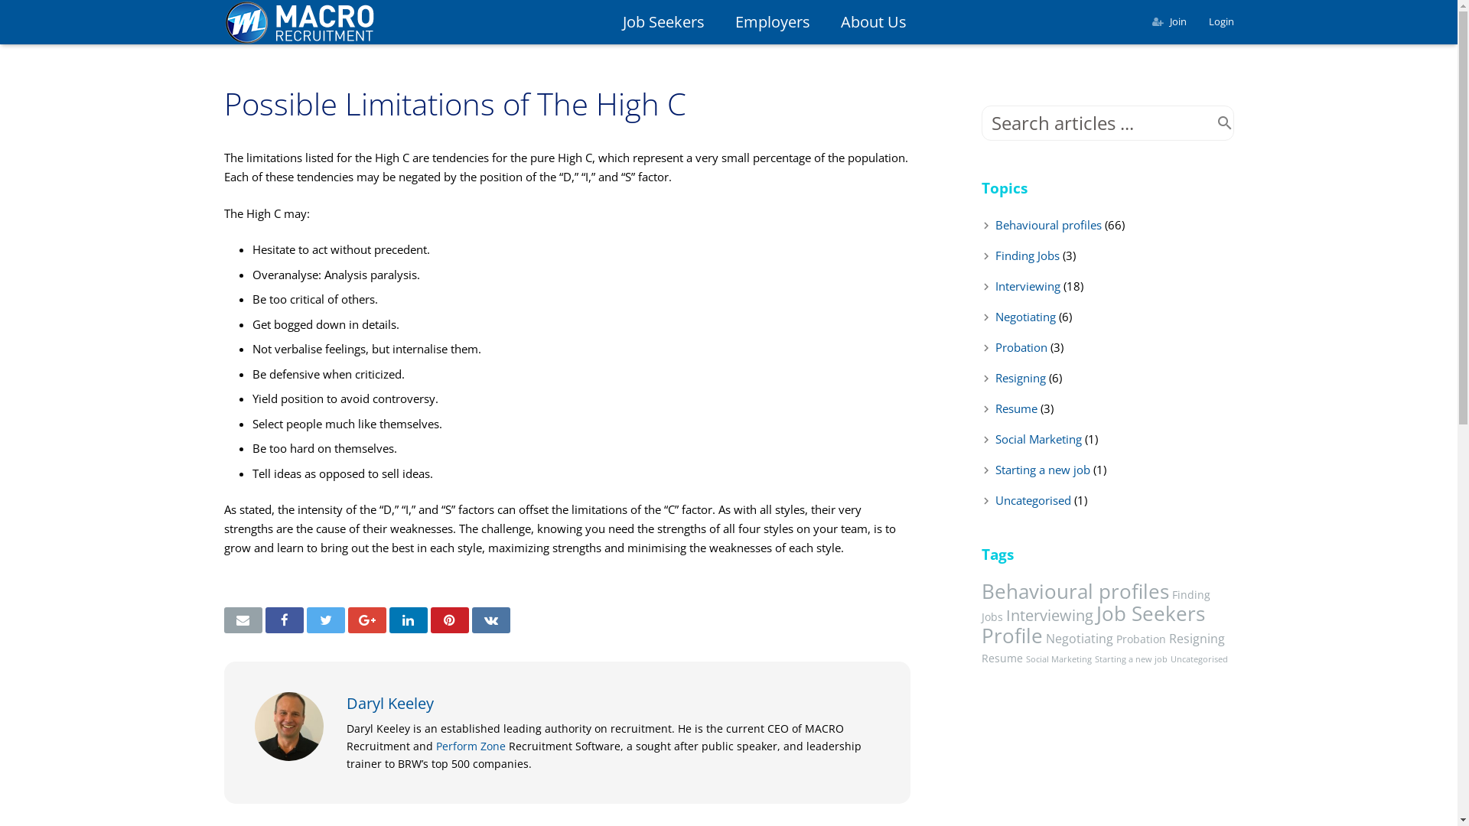 The height and width of the screenshot is (826, 1469). What do you see at coordinates (874, 22) in the screenshot?
I see `'About Us'` at bounding box center [874, 22].